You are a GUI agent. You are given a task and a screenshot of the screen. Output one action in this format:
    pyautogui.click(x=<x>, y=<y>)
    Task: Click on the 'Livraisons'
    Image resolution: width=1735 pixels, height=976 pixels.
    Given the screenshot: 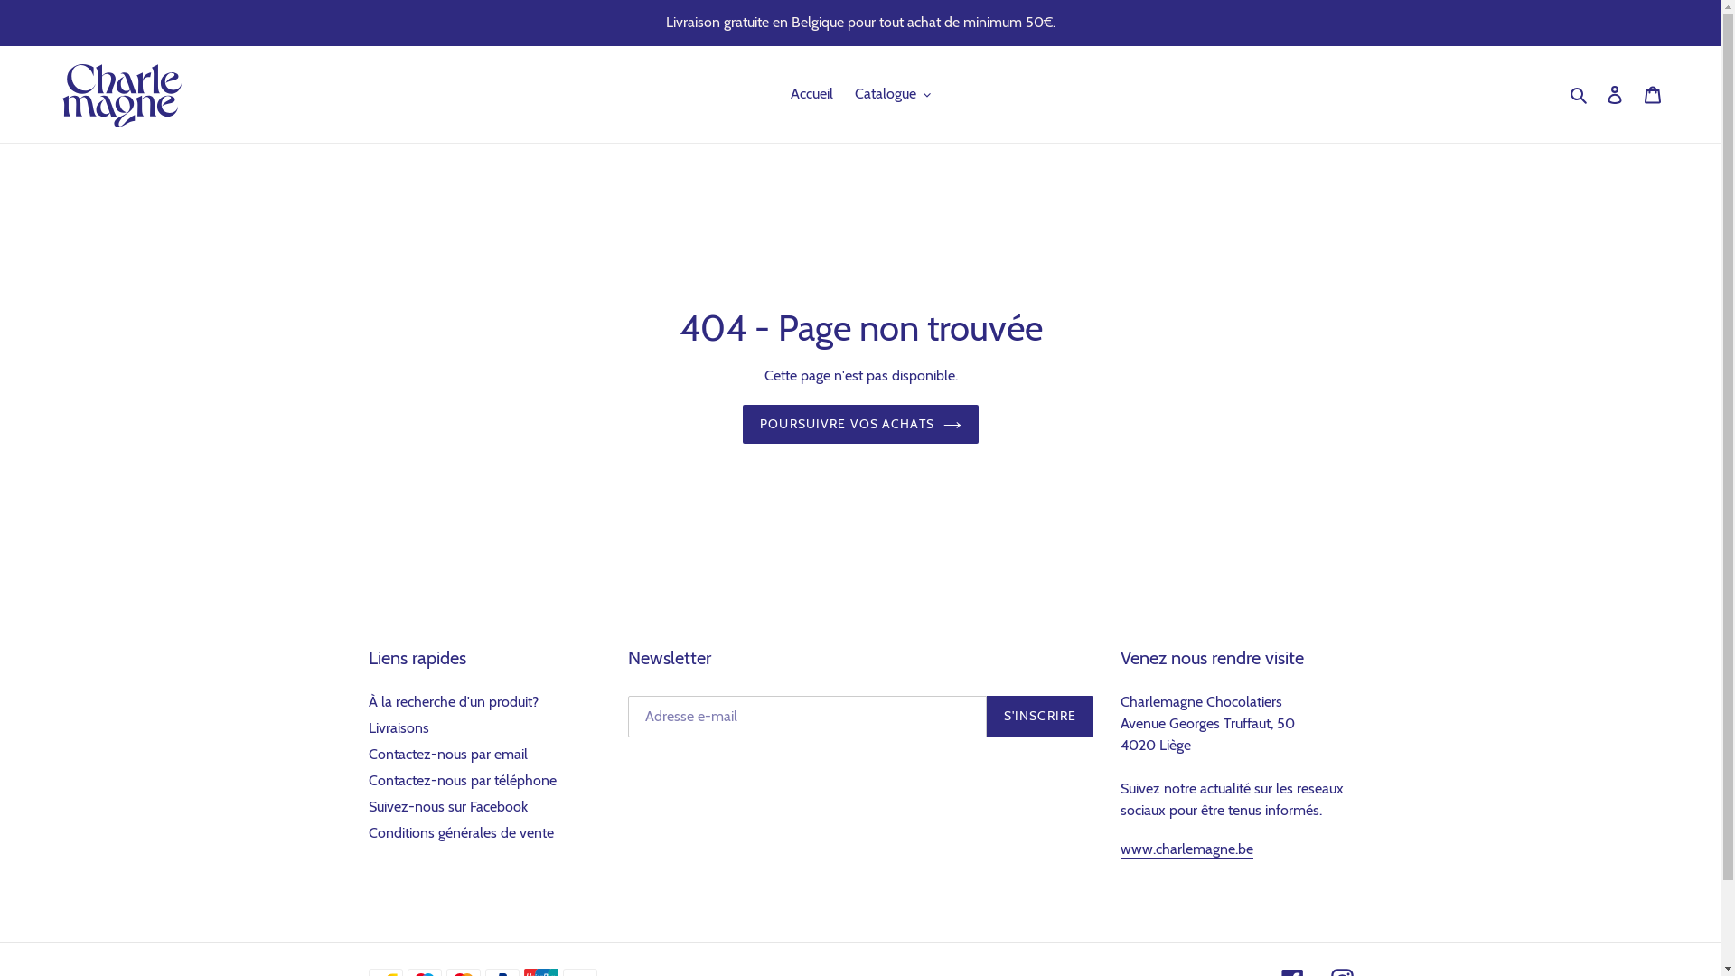 What is the action you would take?
    pyautogui.click(x=368, y=727)
    